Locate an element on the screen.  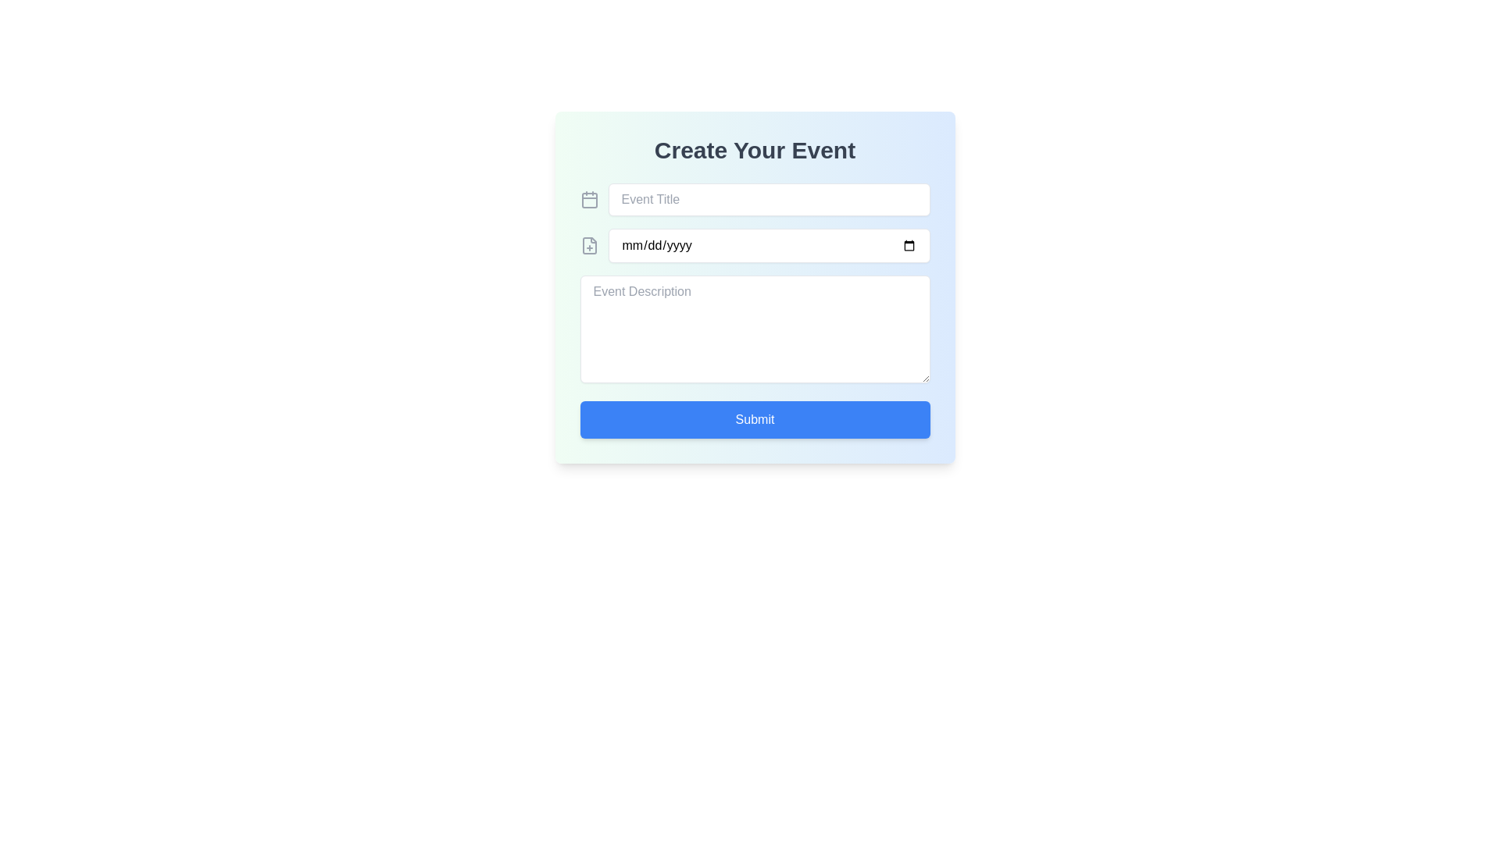
the Date input field to focus it and allow the user to type a date is located at coordinates (755, 246).